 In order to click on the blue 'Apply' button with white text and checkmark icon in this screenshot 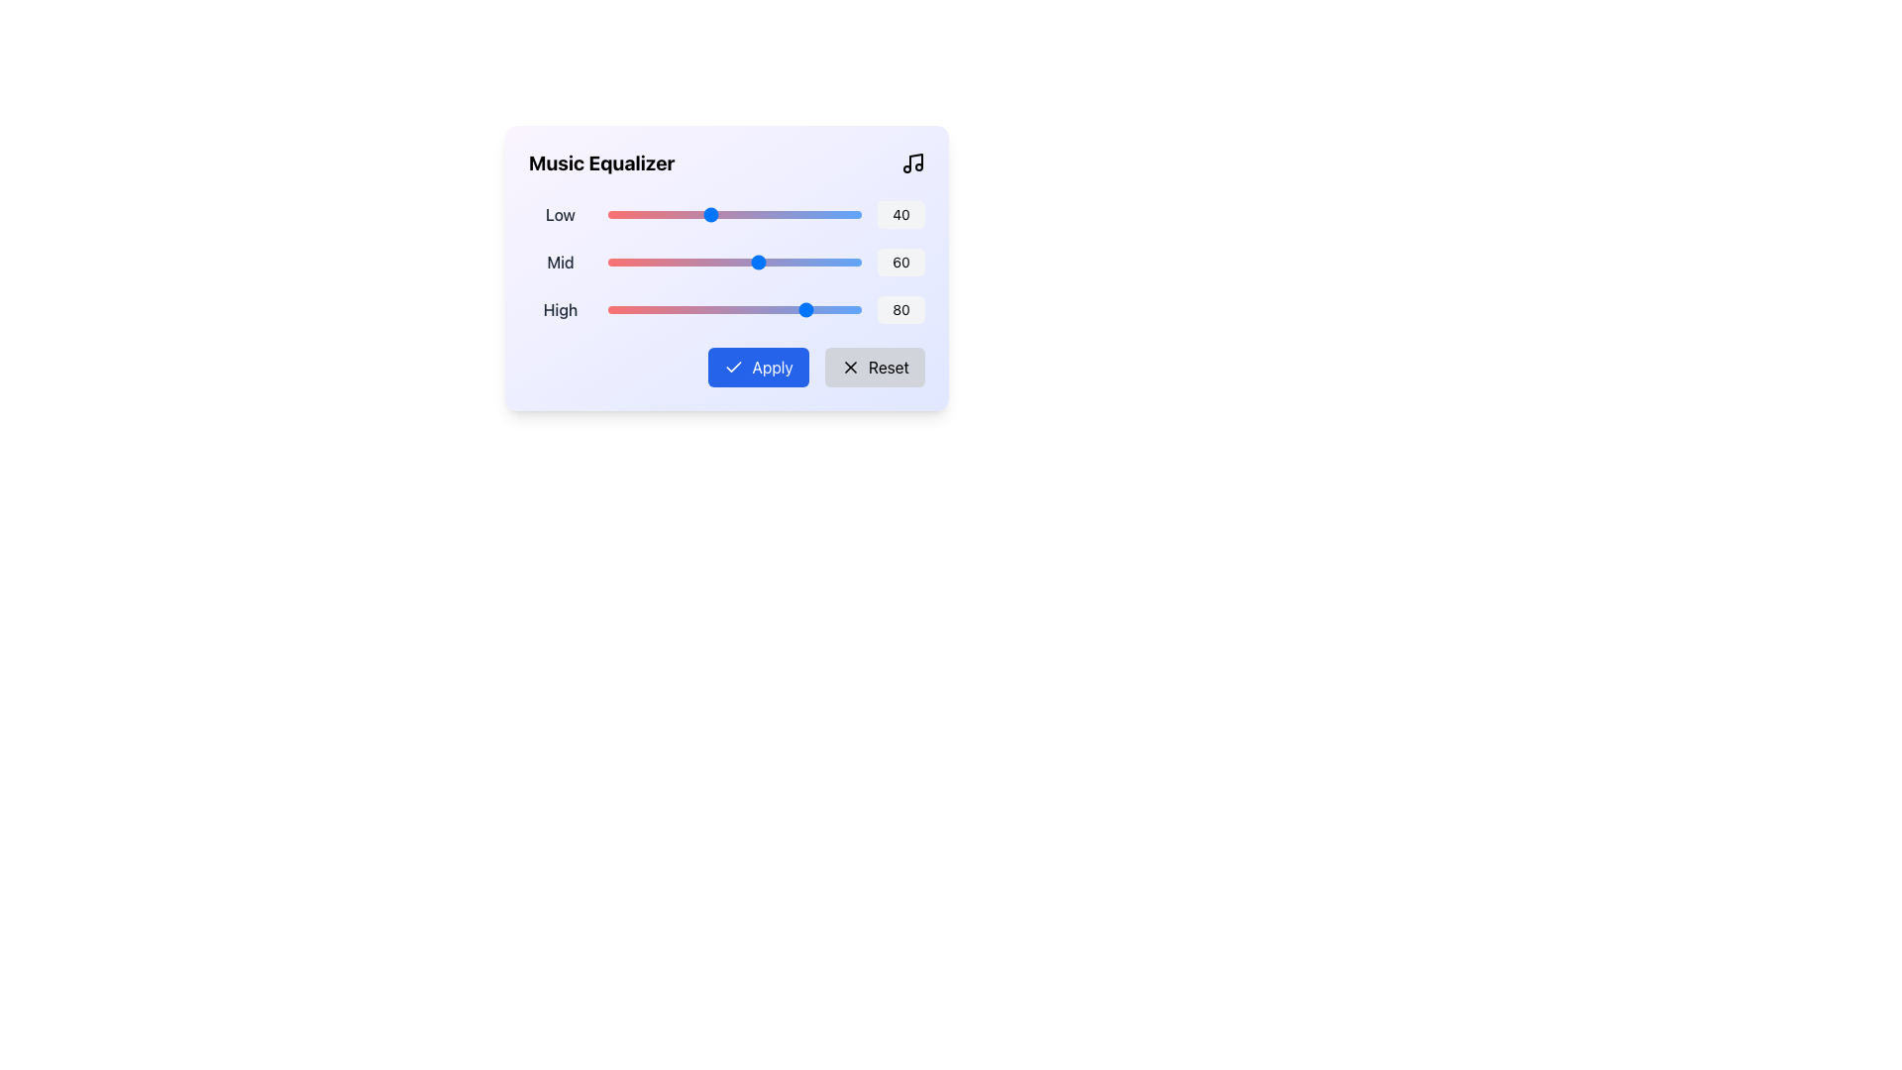, I will do `click(726, 367)`.